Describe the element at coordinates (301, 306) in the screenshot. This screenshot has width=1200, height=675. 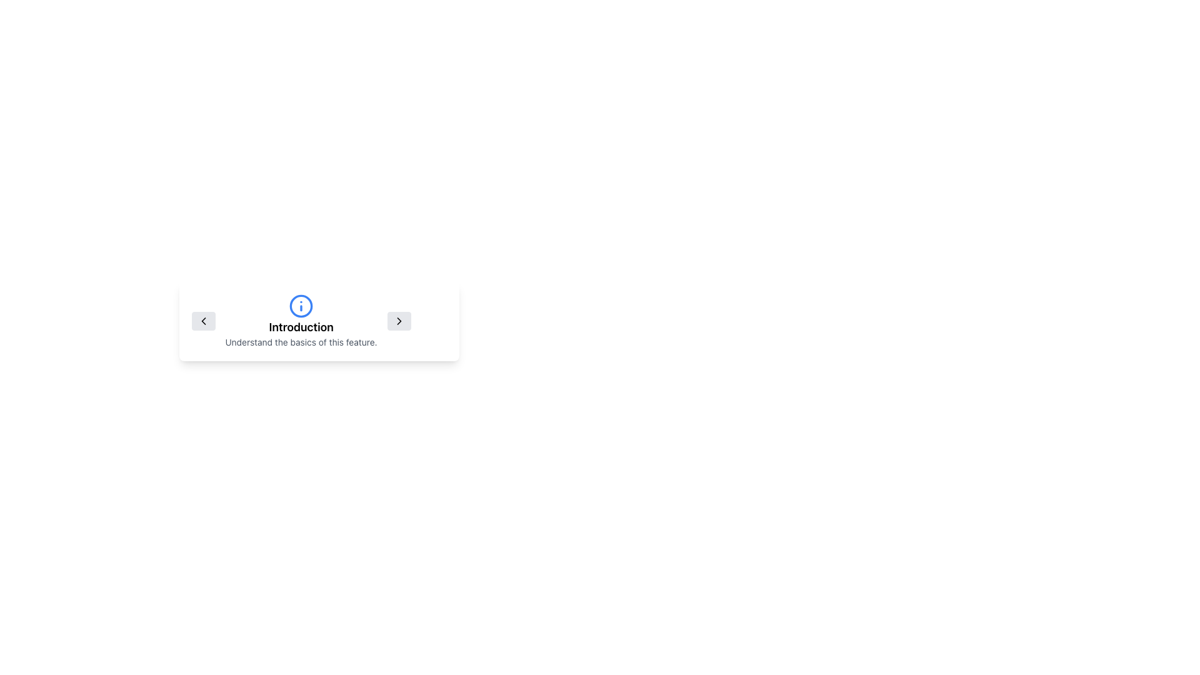
I see `the blue circular outline of the info icon located at the center of the UI card` at that location.